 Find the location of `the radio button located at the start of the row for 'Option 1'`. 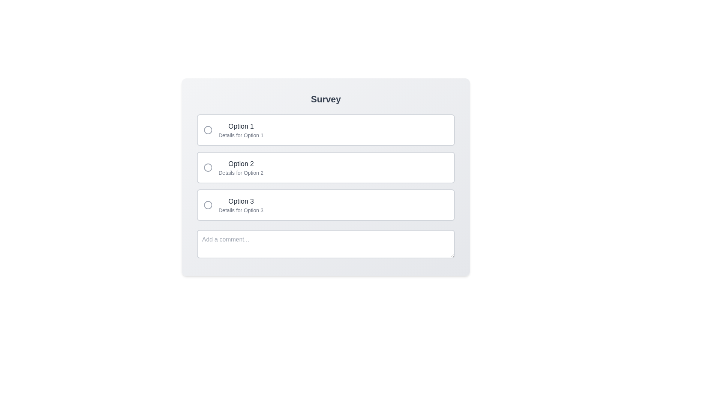

the radio button located at the start of the row for 'Option 1' is located at coordinates (208, 130).